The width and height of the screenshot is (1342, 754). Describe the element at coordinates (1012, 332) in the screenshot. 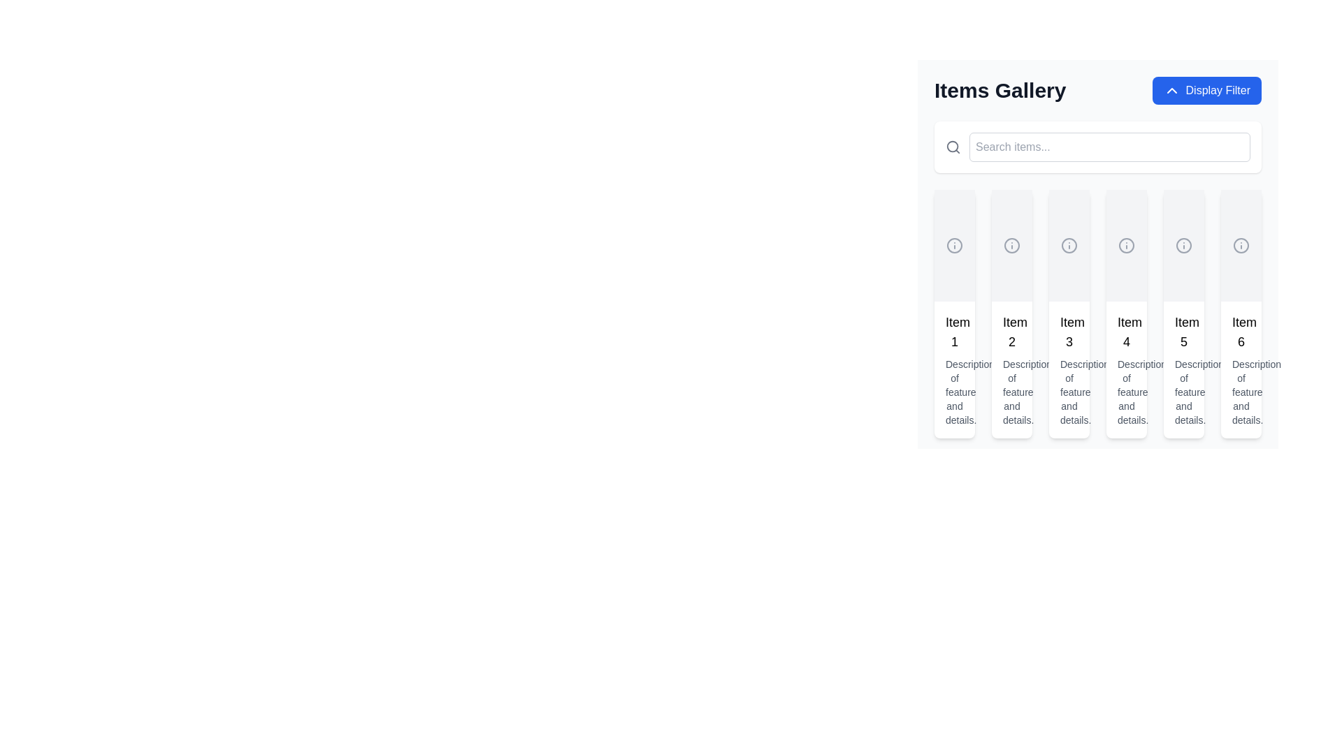

I see `the text label that contains the words 'Item 2', which is located at the top of the second card in a horizontally aligned list of cards` at that location.